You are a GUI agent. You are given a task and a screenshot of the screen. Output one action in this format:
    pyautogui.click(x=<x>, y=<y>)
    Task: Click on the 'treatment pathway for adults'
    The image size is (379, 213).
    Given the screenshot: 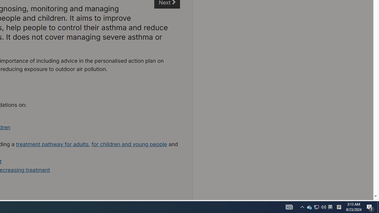 What is the action you would take?
    pyautogui.click(x=52, y=144)
    